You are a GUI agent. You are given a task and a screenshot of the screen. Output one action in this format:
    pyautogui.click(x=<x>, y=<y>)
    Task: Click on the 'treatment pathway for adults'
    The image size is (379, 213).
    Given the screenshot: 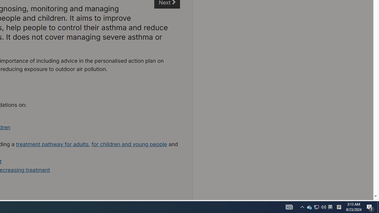 What is the action you would take?
    pyautogui.click(x=52, y=144)
    